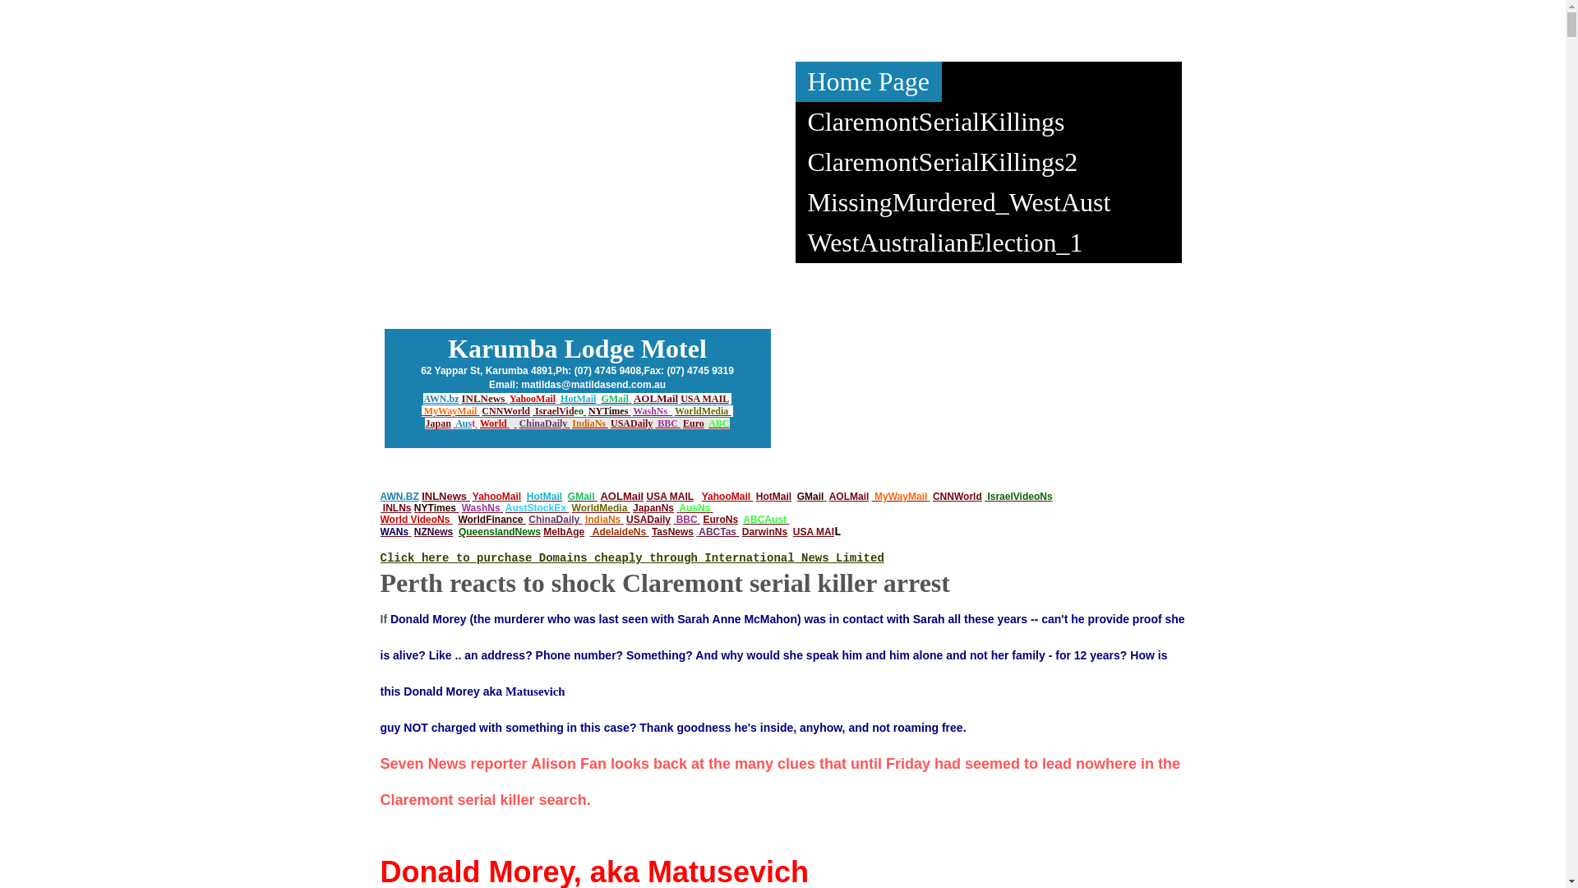 This screenshot has height=888, width=1578. What do you see at coordinates (414, 520) in the screenshot?
I see `'World VideoNs'` at bounding box center [414, 520].